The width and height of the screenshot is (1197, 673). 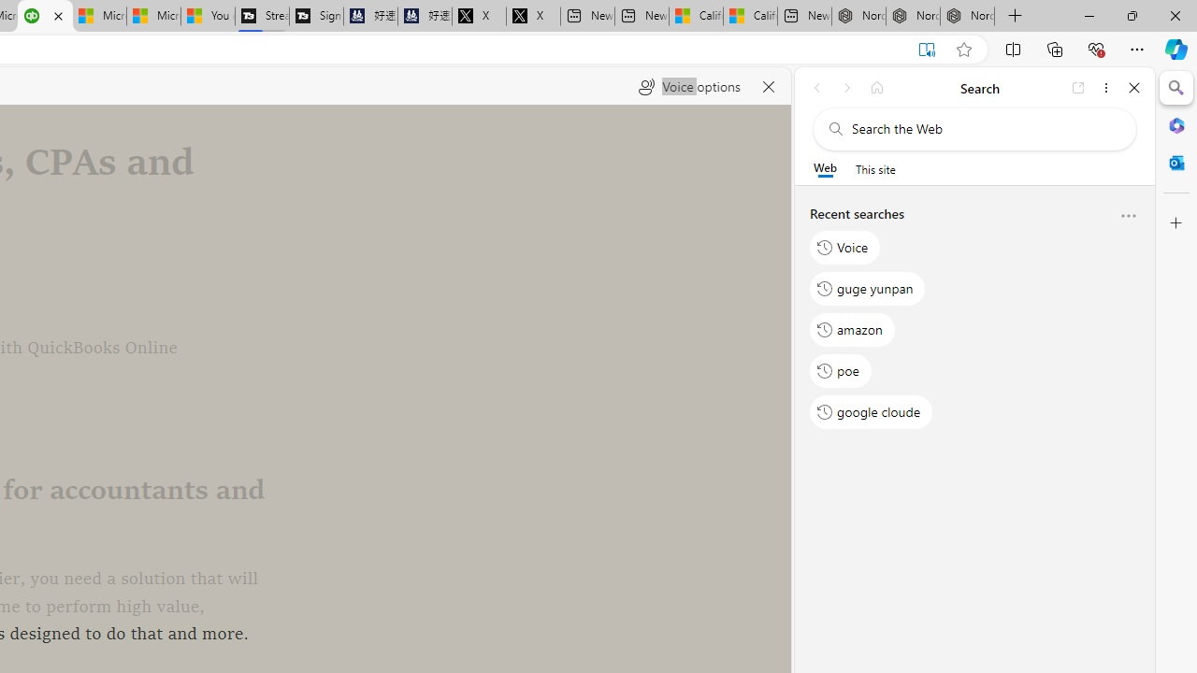 What do you see at coordinates (852, 328) in the screenshot?
I see `'amazon'` at bounding box center [852, 328].